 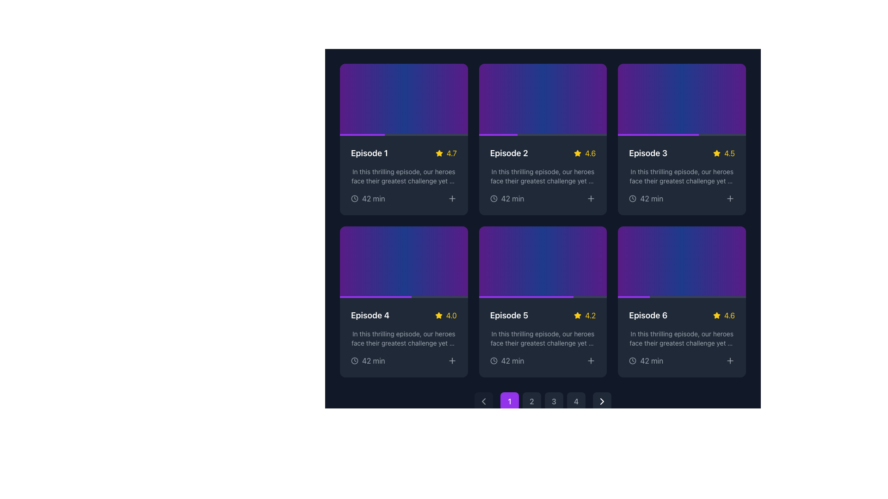 What do you see at coordinates (651, 360) in the screenshot?
I see `the static text label displaying the duration of 'Episode 6', which is located at the bottom-right corner of the interface, adjacent to a clock icon on the left and the text '42 min' on the right` at bounding box center [651, 360].